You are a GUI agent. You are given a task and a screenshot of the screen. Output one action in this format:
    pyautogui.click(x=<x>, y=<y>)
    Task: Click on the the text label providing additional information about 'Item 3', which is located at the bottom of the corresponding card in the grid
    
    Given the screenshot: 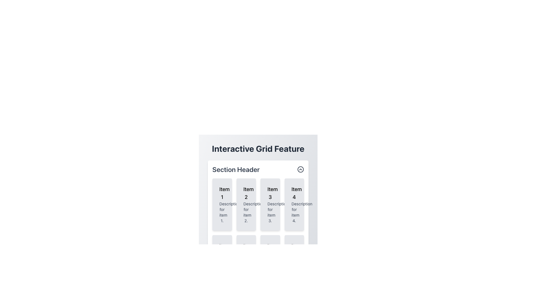 What is the action you would take?
    pyautogui.click(x=270, y=212)
    